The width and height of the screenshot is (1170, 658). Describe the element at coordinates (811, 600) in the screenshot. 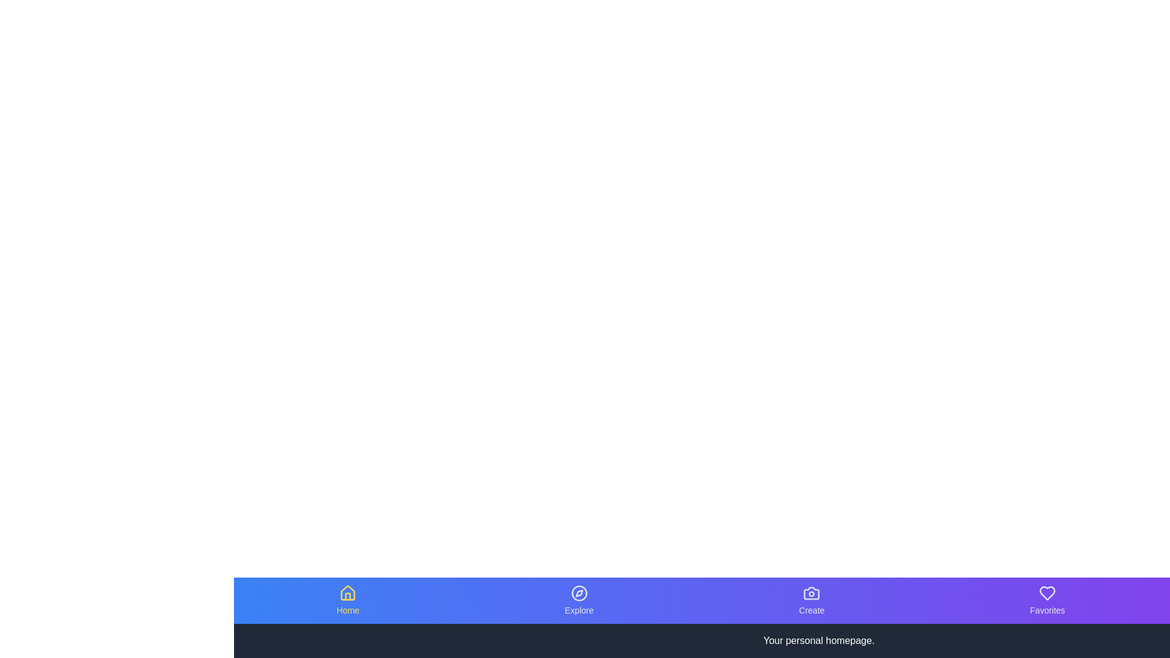

I see `the Create tab in the bottom navigation bar` at that location.